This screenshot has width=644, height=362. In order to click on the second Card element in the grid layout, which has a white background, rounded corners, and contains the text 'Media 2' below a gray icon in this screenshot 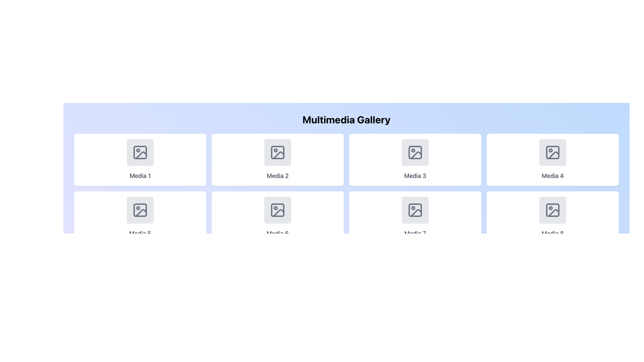, I will do `click(278, 160)`.